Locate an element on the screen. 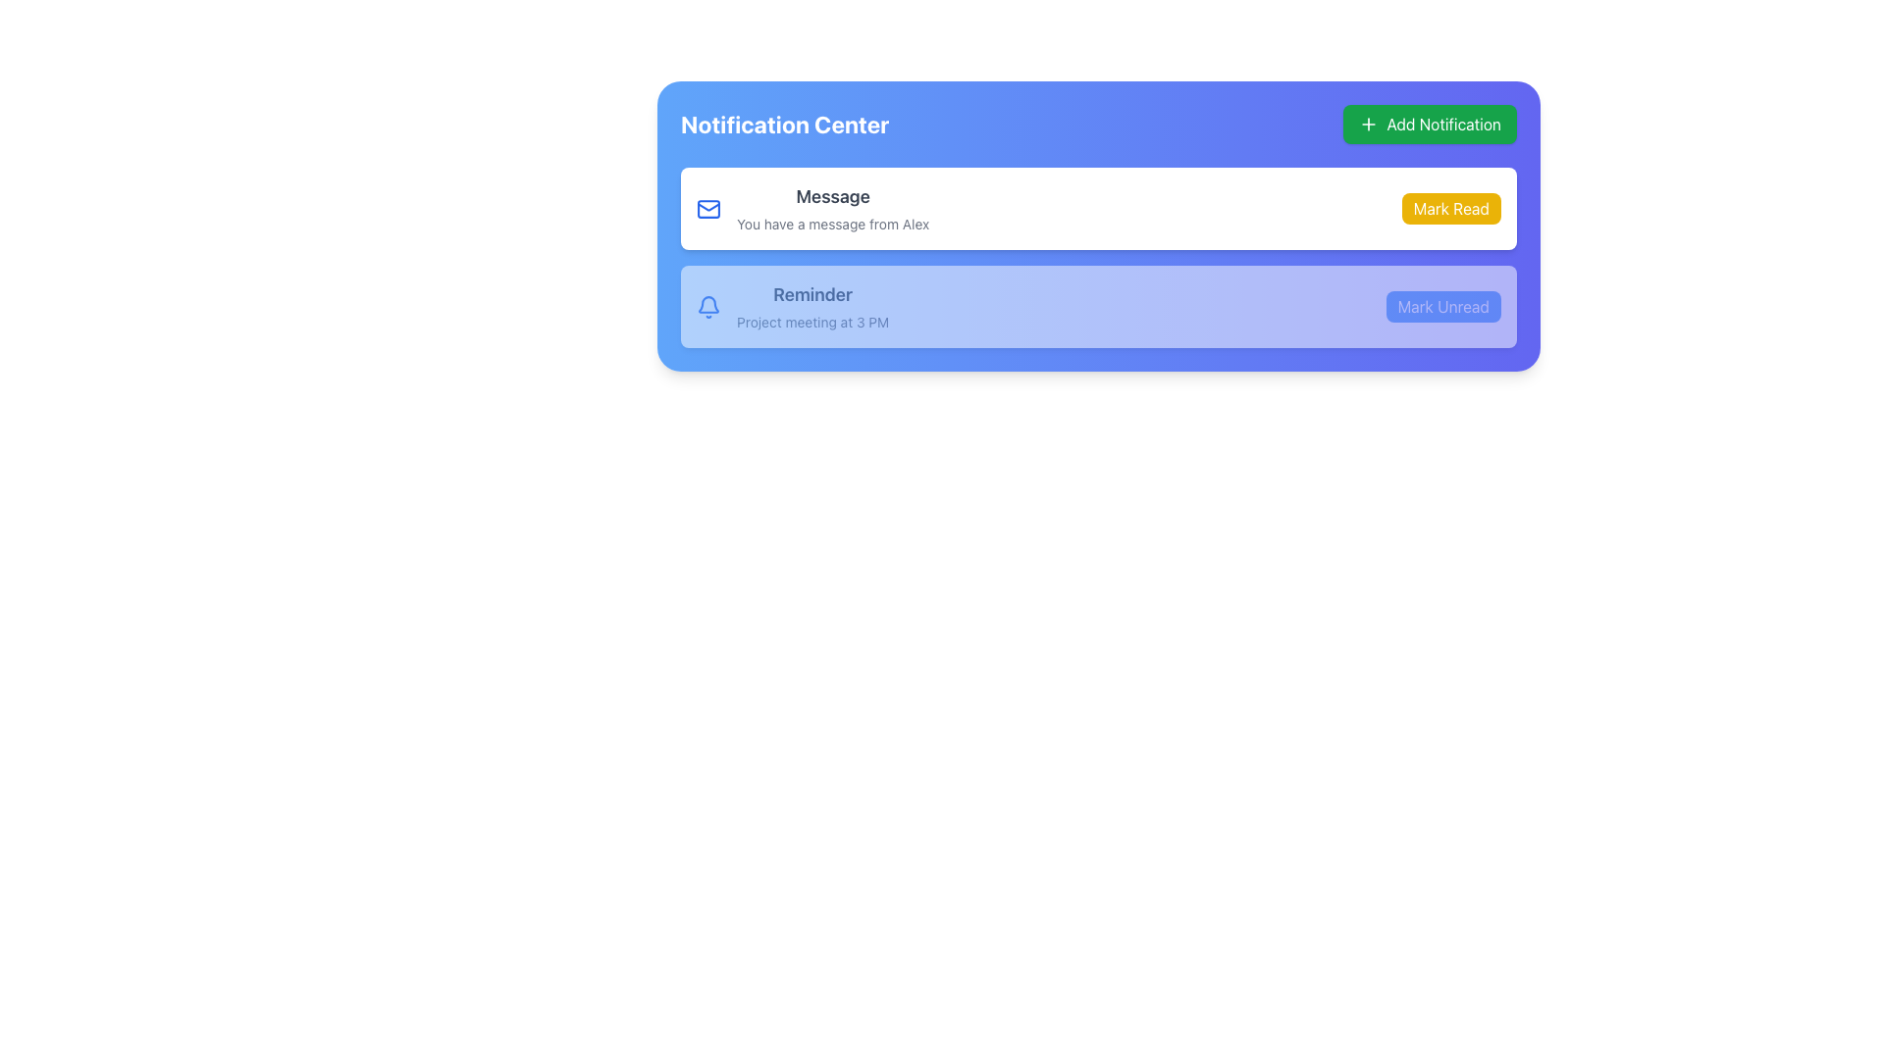 The image size is (1884, 1059). the static text element that conveys information about a scheduled project meeting at 3 PM, located within a light blue notification card beneath a bold 'Reminder' label is located at coordinates (812, 321).